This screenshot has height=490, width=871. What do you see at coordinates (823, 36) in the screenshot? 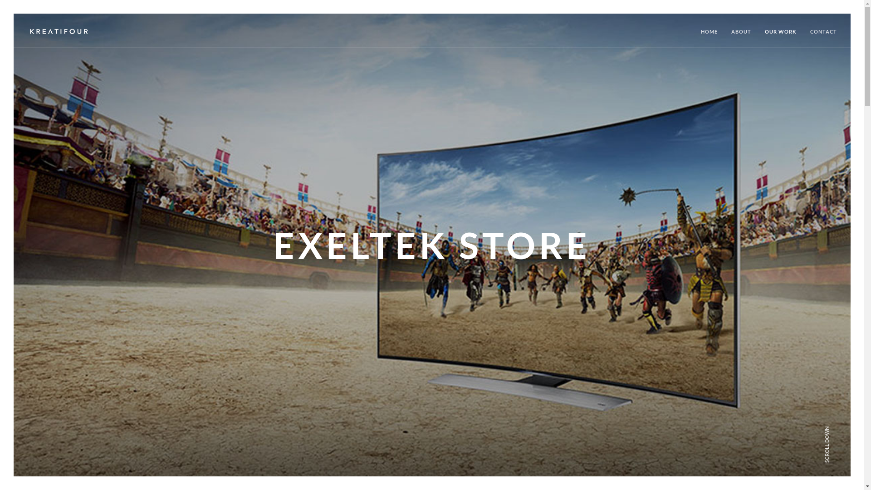
I see `'CONTACT'` at bounding box center [823, 36].